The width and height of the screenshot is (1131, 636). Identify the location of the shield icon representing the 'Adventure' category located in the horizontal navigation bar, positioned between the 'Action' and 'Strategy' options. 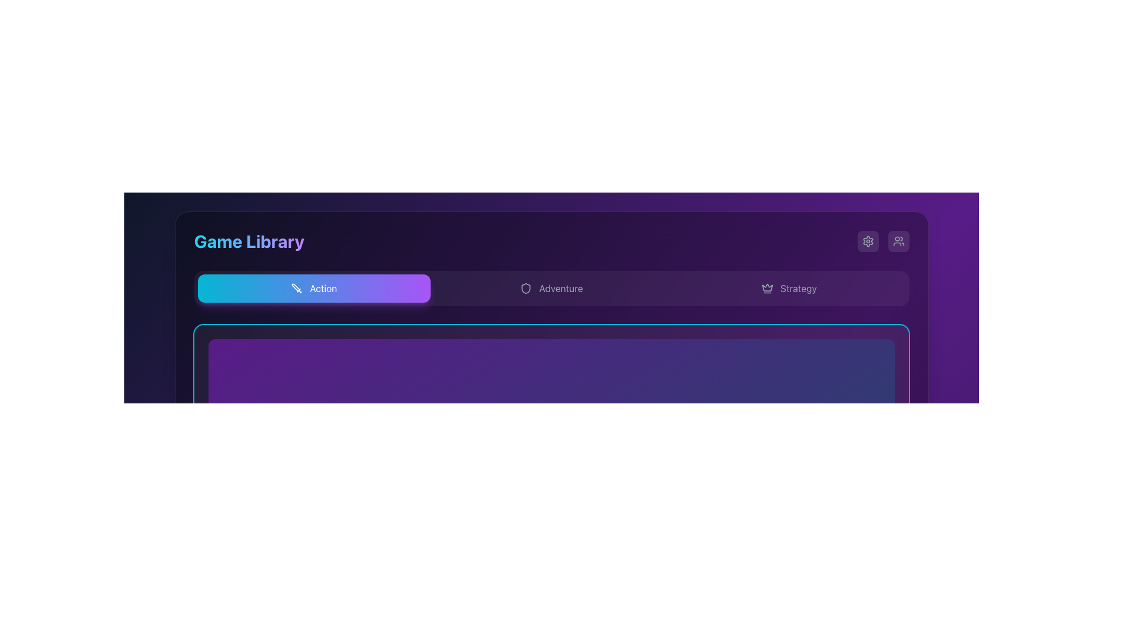
(525, 288).